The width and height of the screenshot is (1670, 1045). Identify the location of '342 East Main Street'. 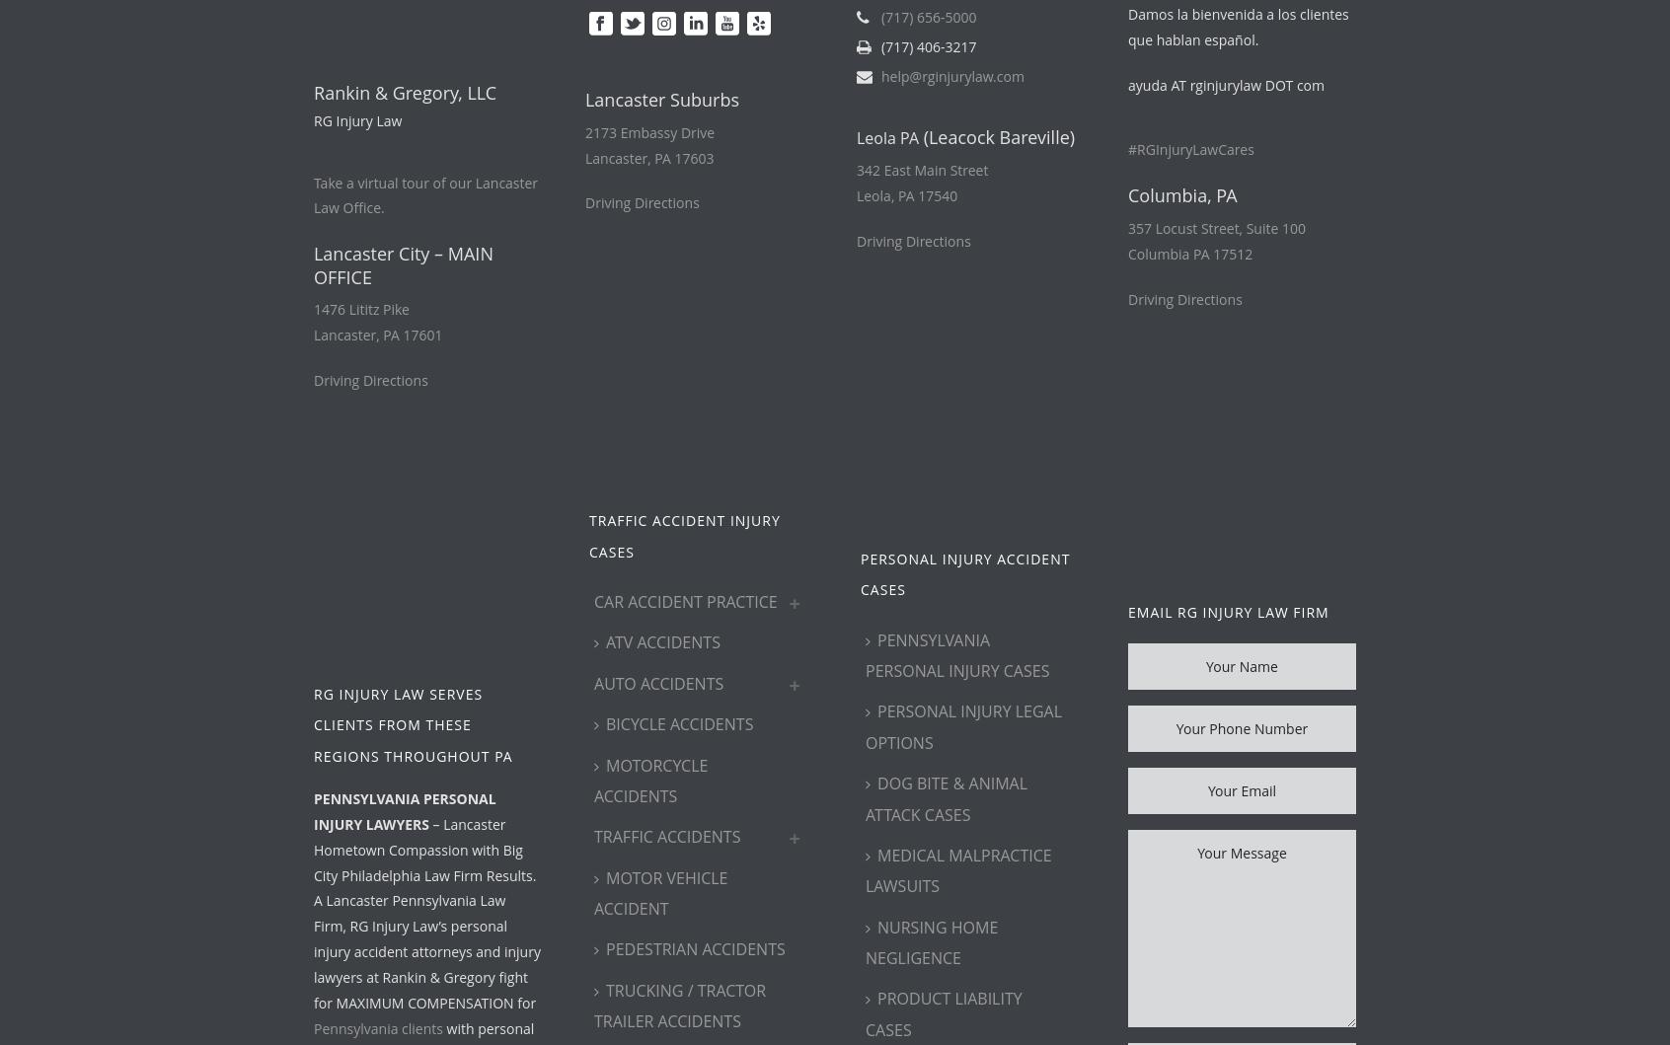
(922, 169).